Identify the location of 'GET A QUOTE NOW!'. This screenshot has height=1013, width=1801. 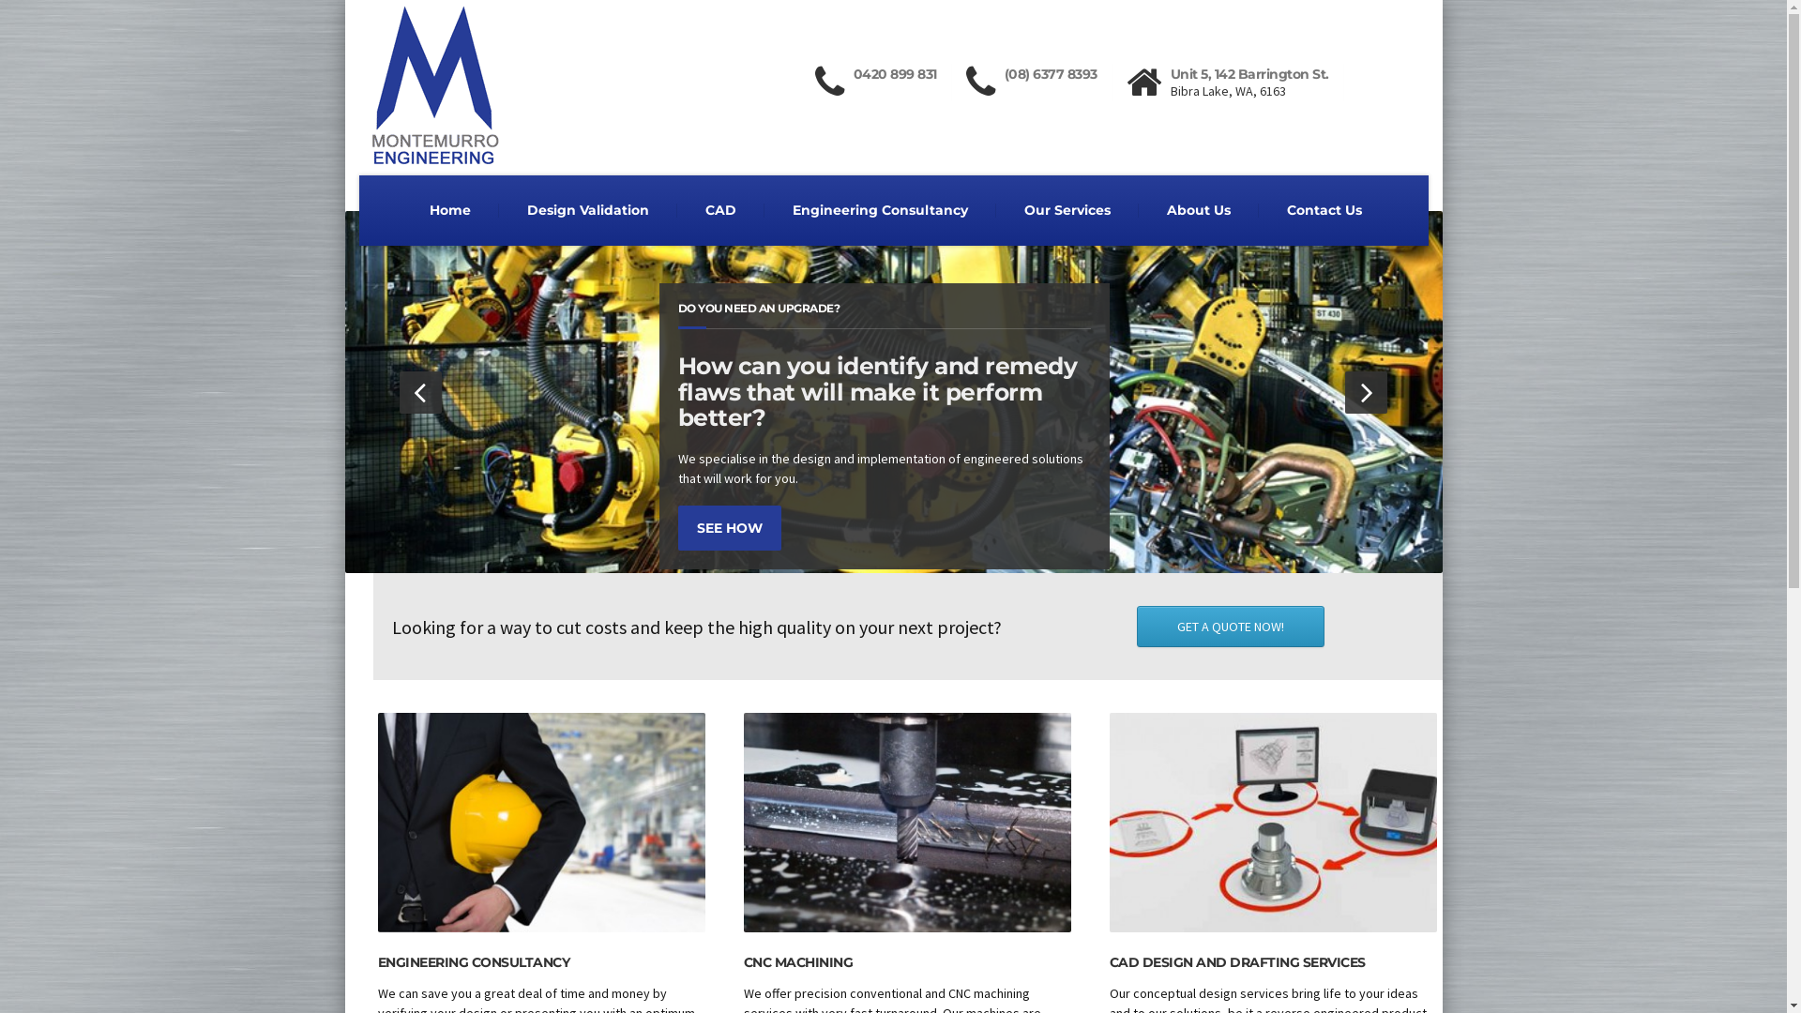
(1135, 626).